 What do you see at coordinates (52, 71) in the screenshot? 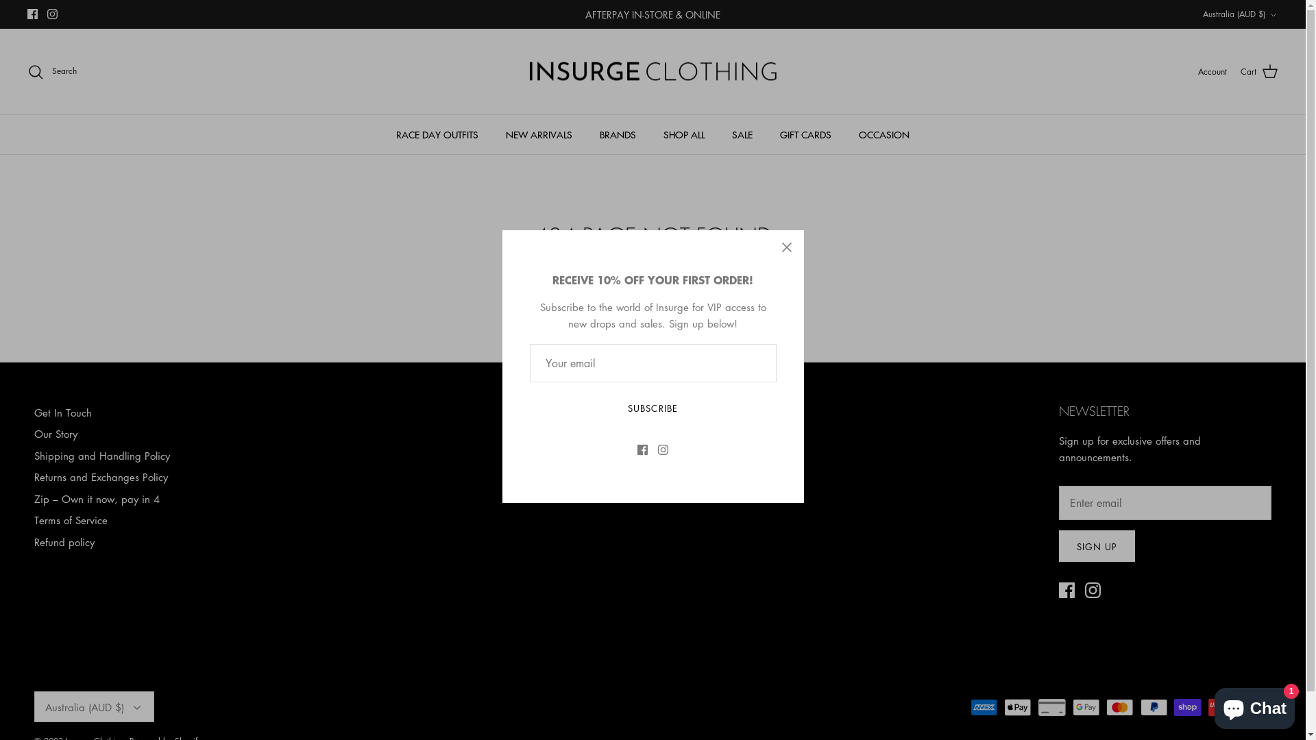
I see `'Search'` at bounding box center [52, 71].